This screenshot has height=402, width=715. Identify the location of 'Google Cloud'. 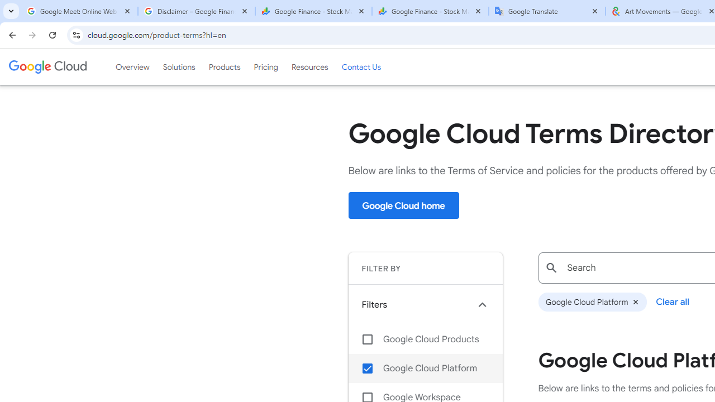
(47, 66).